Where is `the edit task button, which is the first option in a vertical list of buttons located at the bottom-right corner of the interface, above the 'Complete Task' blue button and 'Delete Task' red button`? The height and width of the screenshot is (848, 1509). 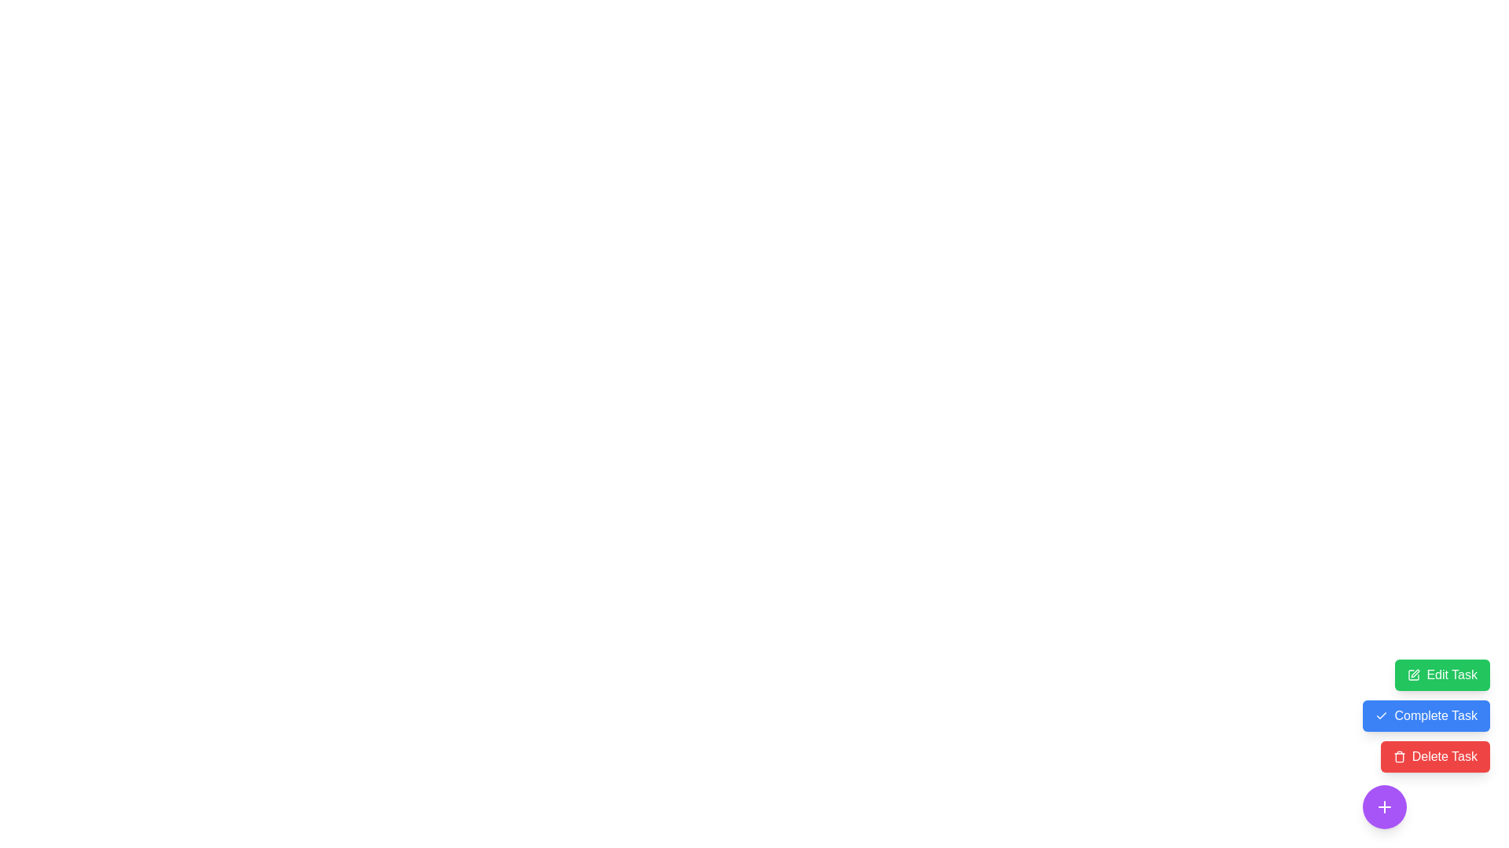
the edit task button, which is the first option in a vertical list of buttons located at the bottom-right corner of the interface, above the 'Complete Task' blue button and 'Delete Task' red button is located at coordinates (1442, 674).